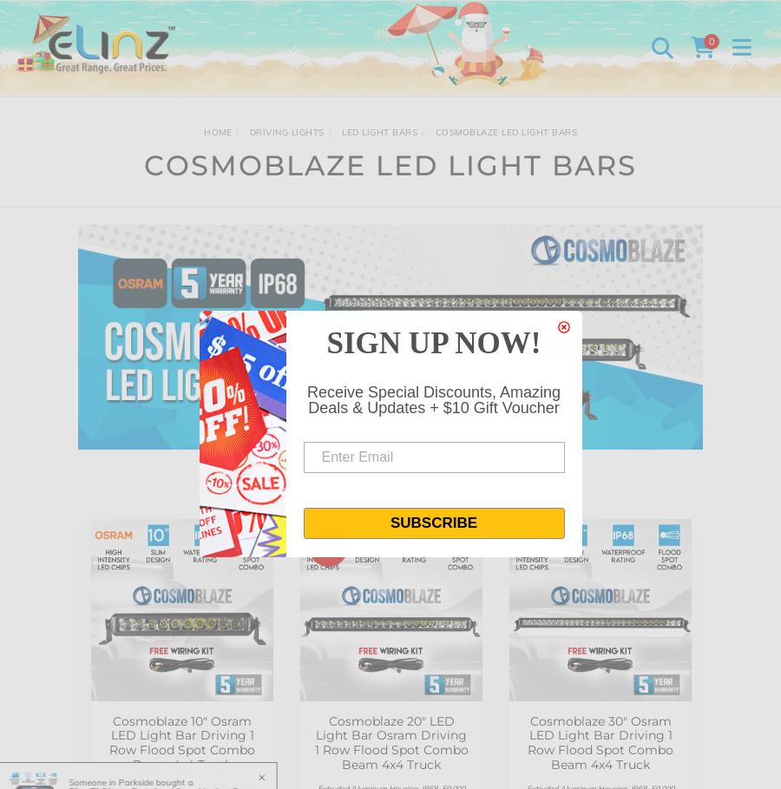 The image size is (781, 789). Describe the element at coordinates (181, 741) in the screenshot. I see `'Cosmoblaze 10" Osram LED Light Bar Driving 1 Row Flood Spot Combo Beam 4x4 Truck'` at that location.